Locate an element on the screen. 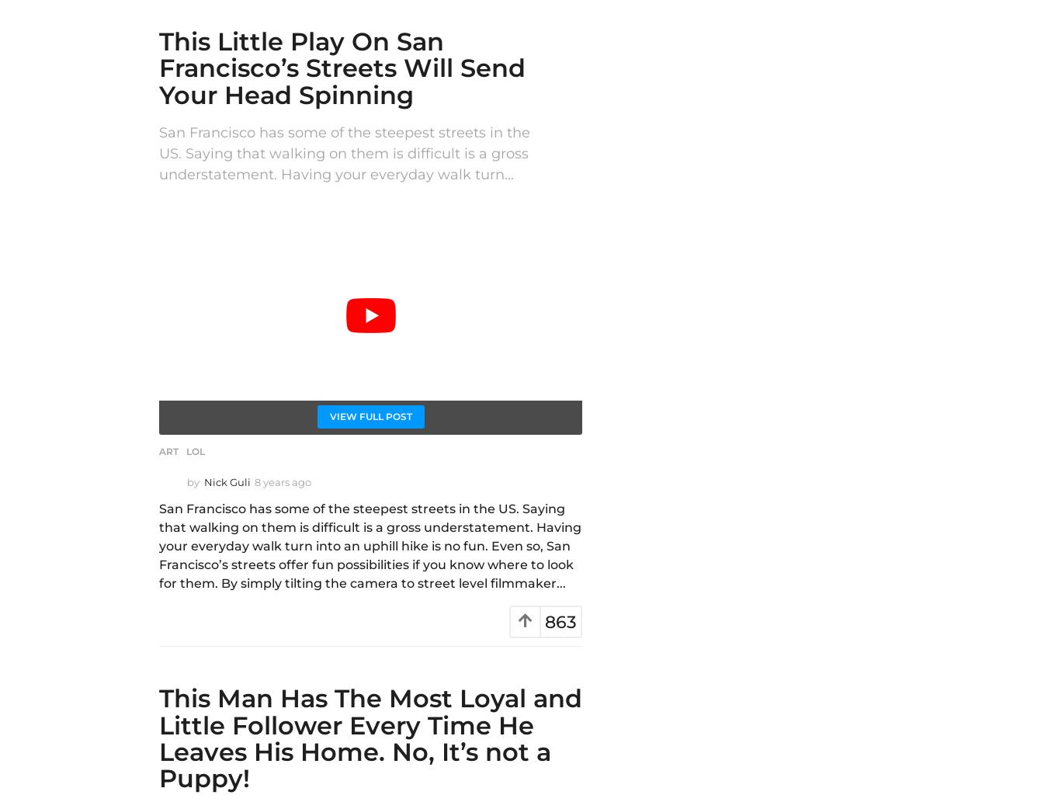 Image resolution: width=1048 pixels, height=809 pixels. '8 years ago' is located at coordinates (283, 482).